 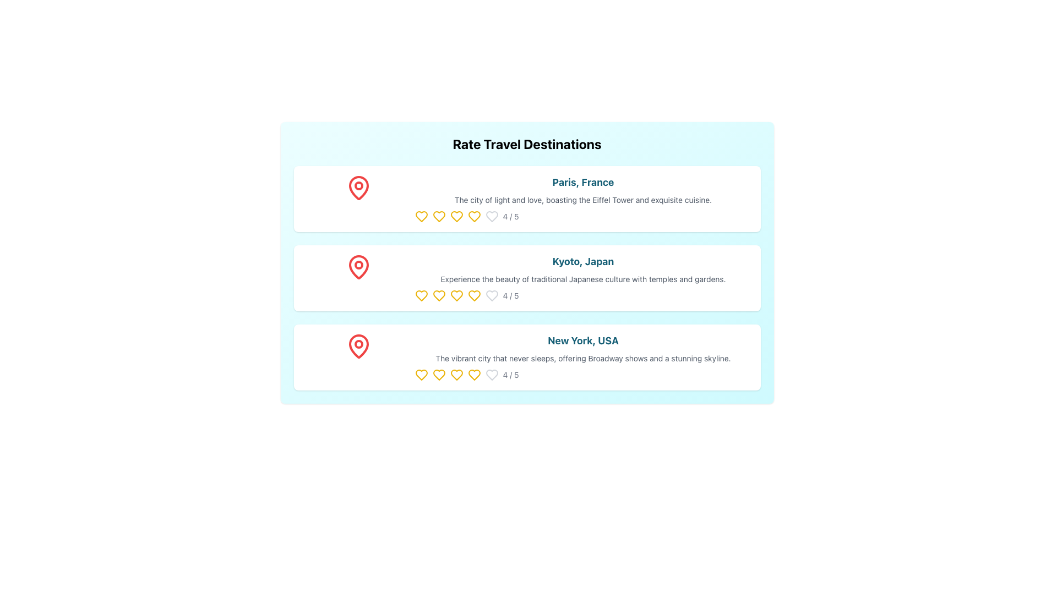 I want to click on the first rating icon (one heart), so click(x=421, y=216).